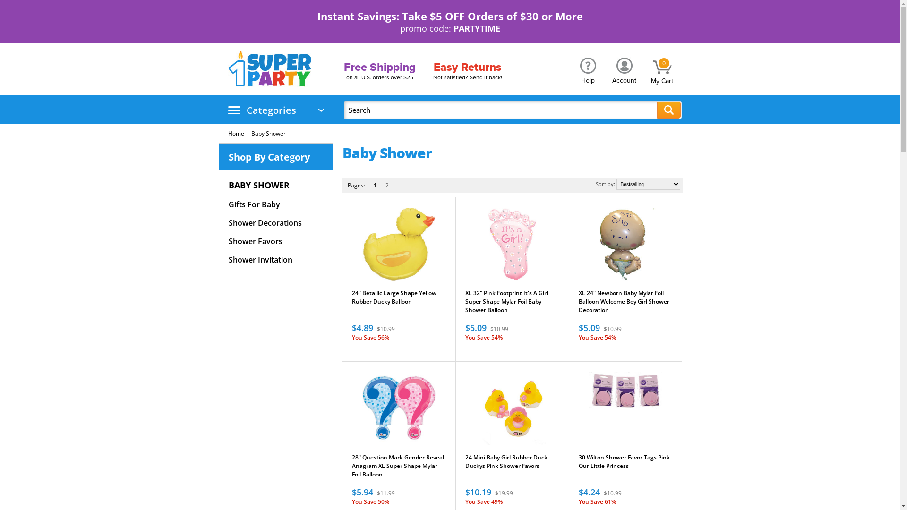 The image size is (907, 510). I want to click on '24" Betallic Large Shape Yellow Rubber Ducky Balloon', so click(398, 302).